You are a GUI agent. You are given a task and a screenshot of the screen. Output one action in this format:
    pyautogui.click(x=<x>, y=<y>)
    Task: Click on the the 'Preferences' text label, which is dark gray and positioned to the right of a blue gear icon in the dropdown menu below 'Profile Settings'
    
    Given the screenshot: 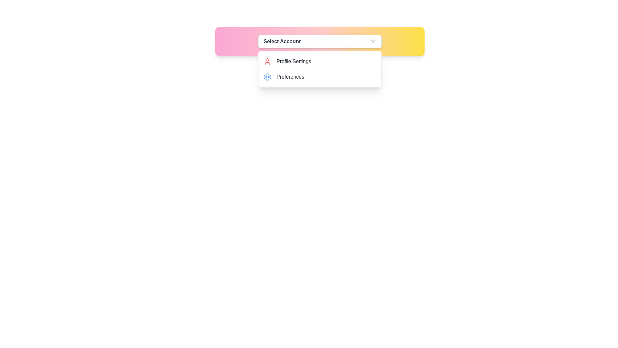 What is the action you would take?
    pyautogui.click(x=290, y=77)
    